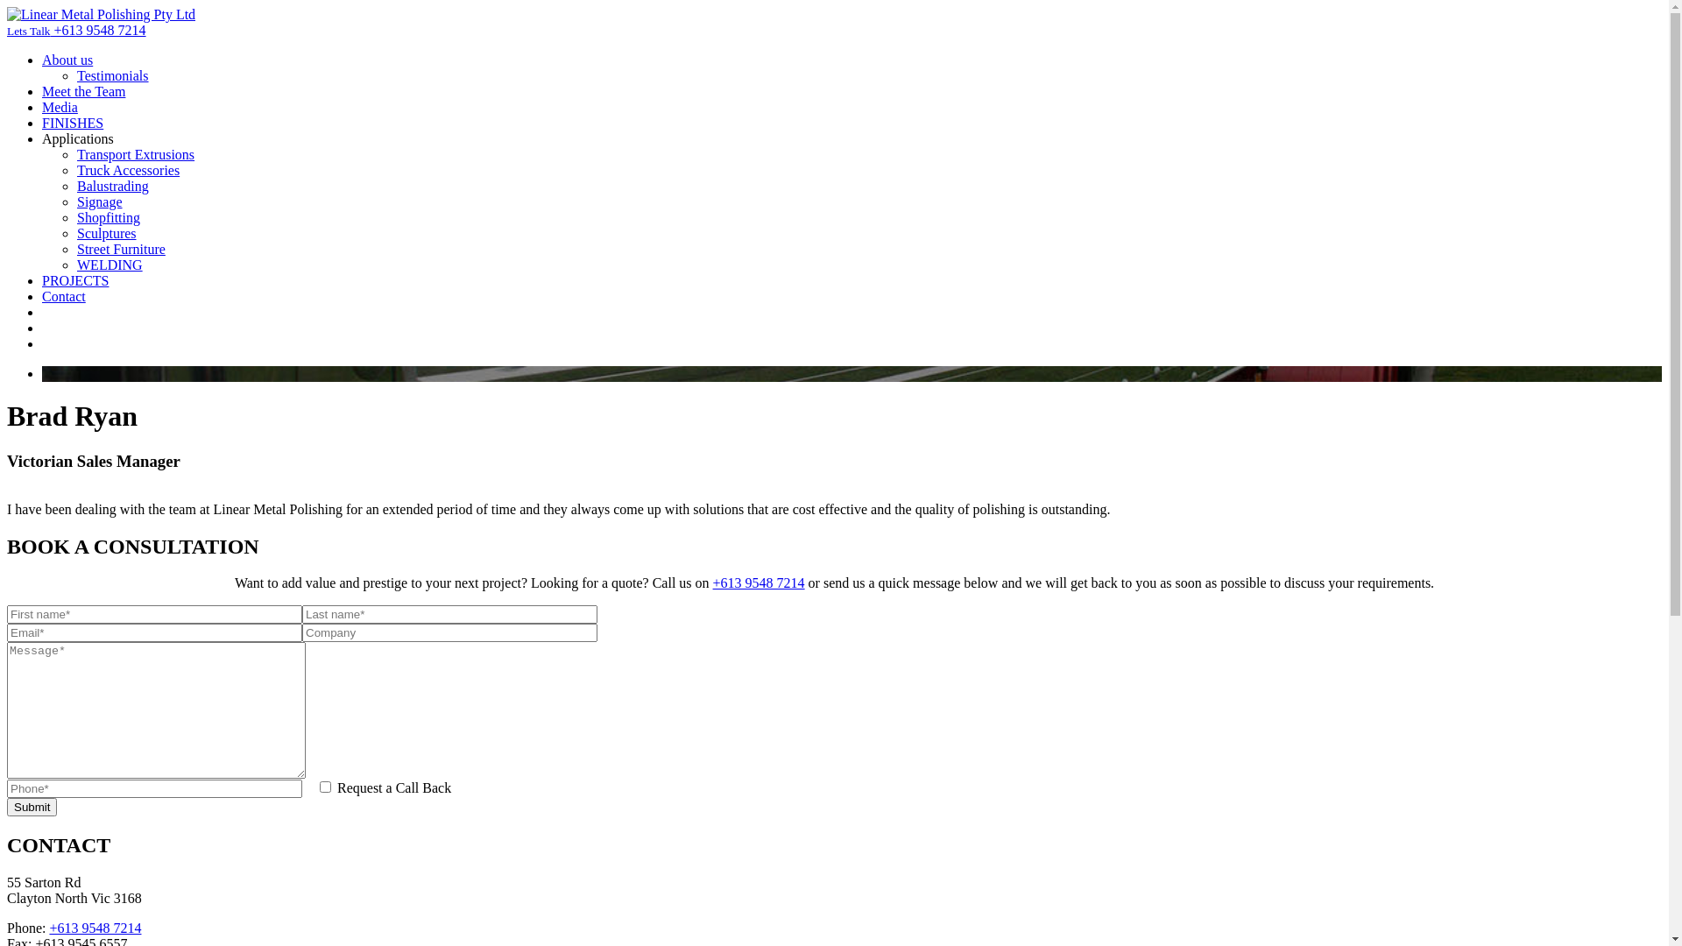 This screenshot has width=1682, height=946. What do you see at coordinates (42, 295) in the screenshot?
I see `'Contact'` at bounding box center [42, 295].